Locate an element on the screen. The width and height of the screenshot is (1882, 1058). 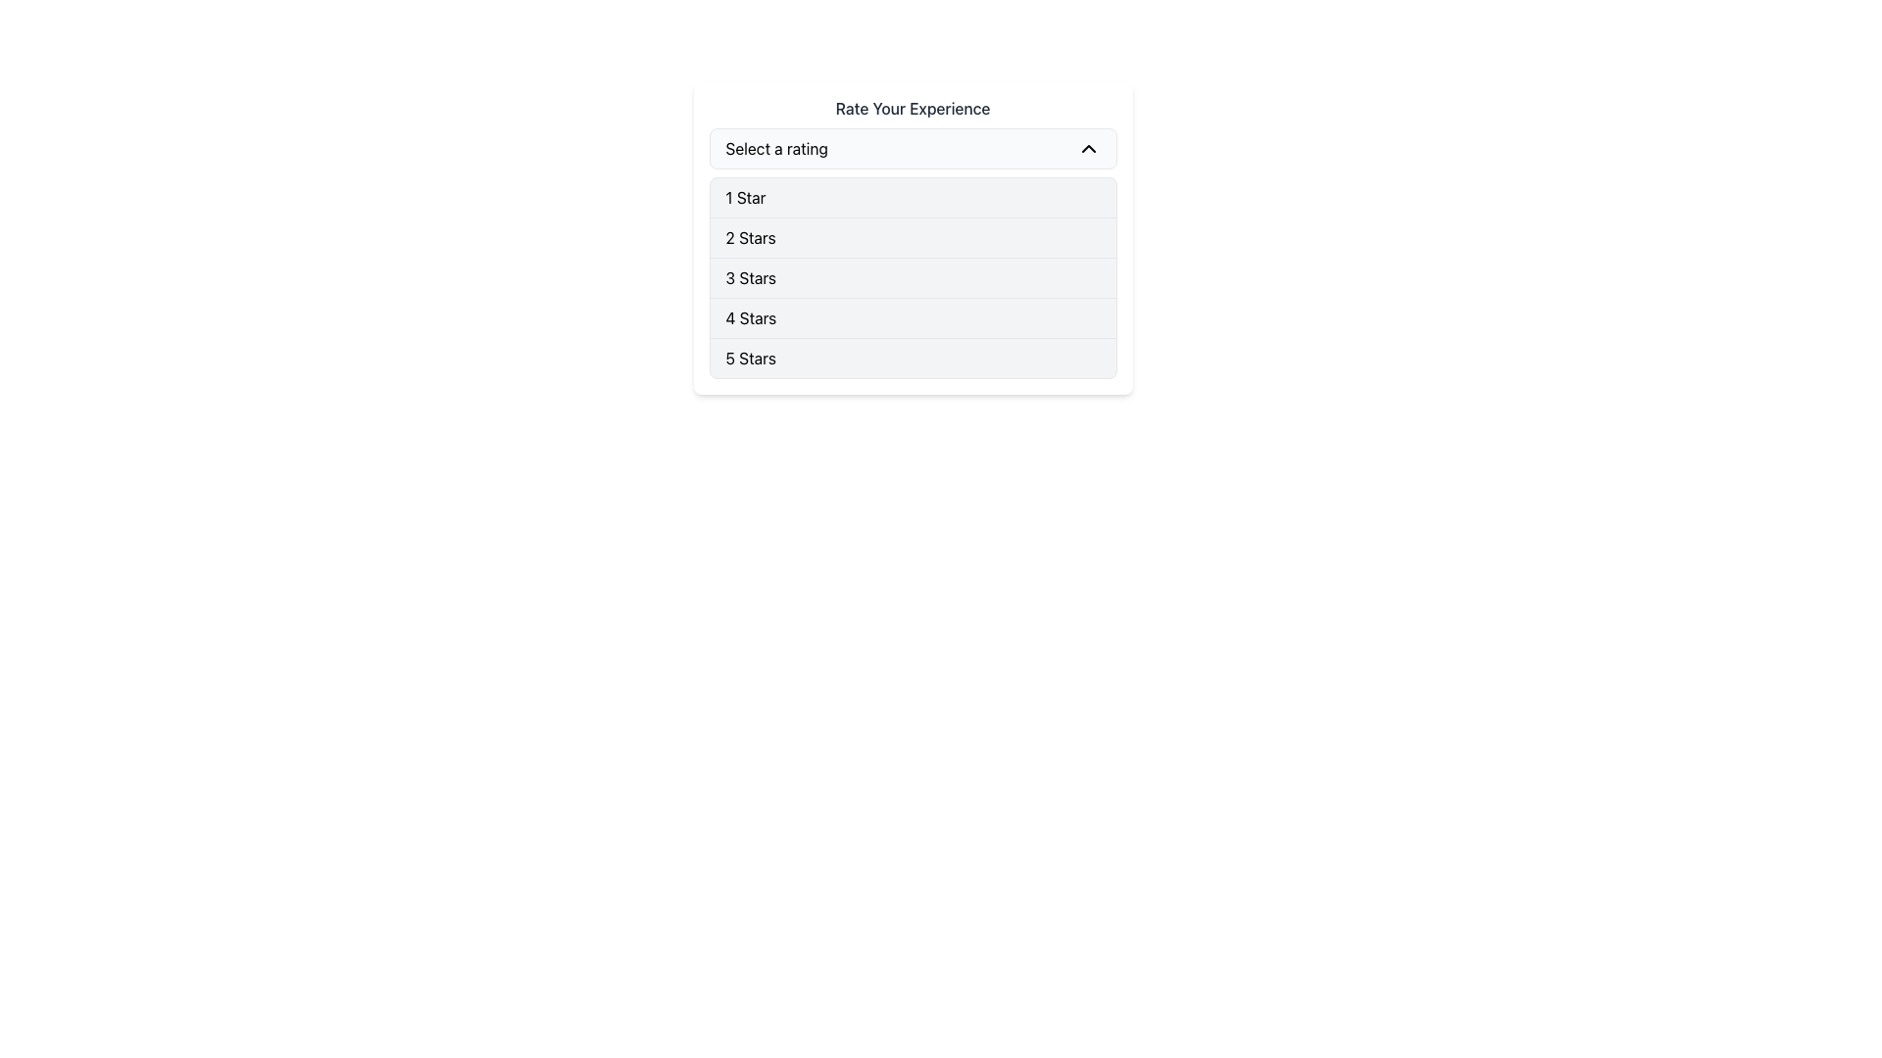
the text label displaying '1 Star', located at the top of the rating options in the dropdown menu below the 'Rate Your Experience' heading is located at coordinates (744, 197).